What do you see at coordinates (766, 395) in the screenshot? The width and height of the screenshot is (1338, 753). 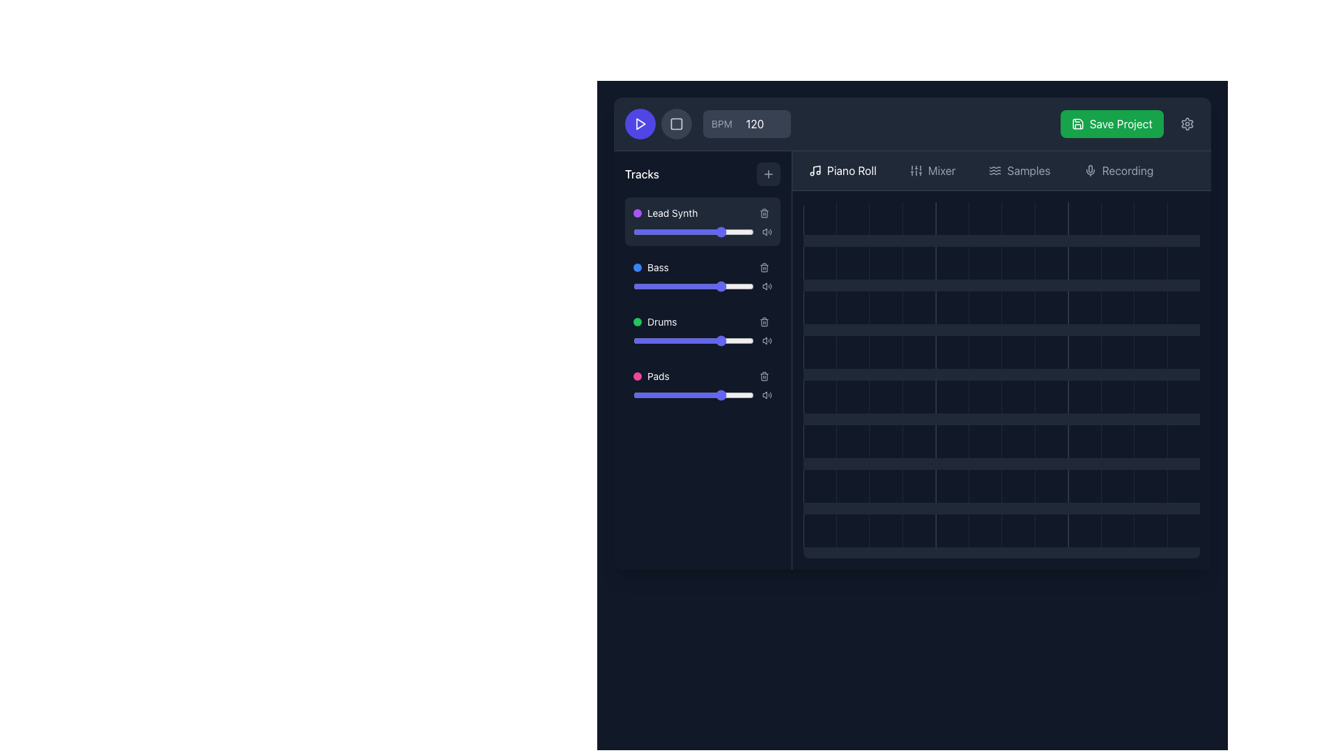 I see `the speaker icon that resembles sound waves, located to the right of the volume progress bar in the settings section` at bounding box center [766, 395].